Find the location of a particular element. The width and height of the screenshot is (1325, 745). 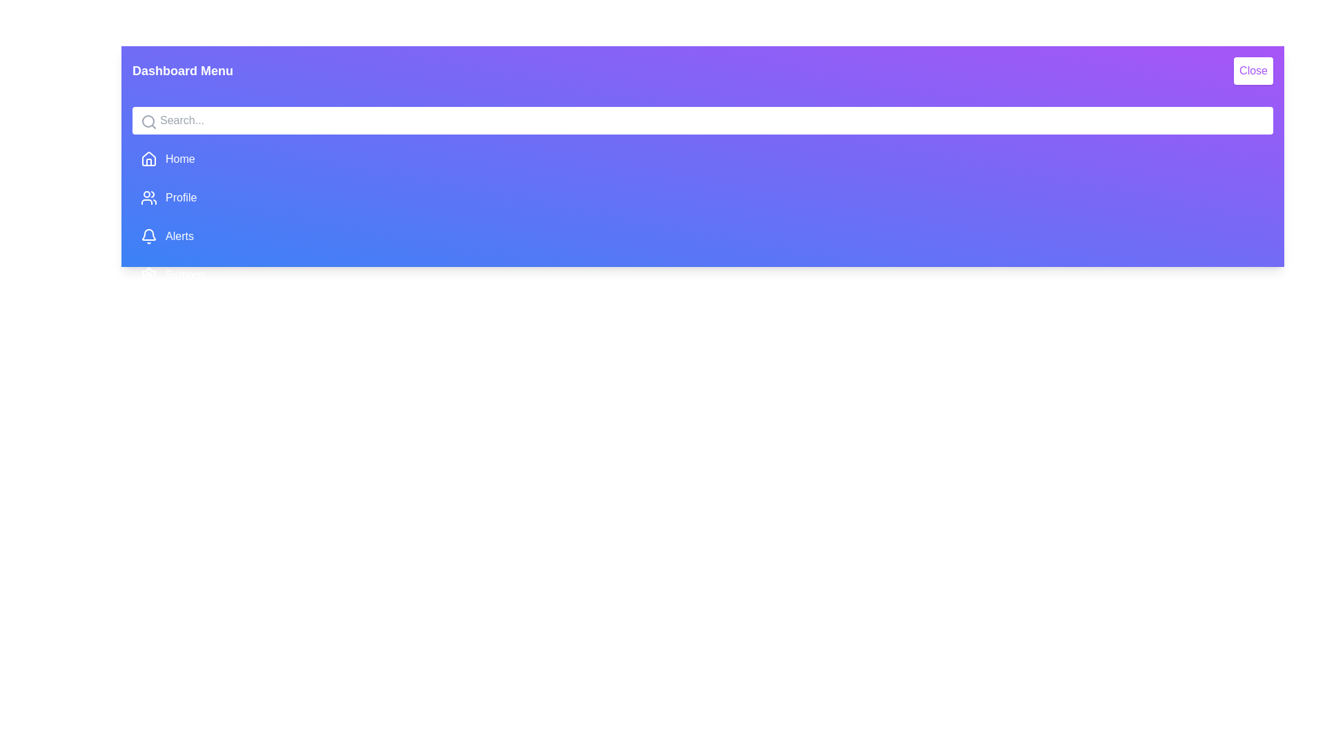

the bell icon in the 'Alerts' section of the sidebar menu, which is visually distinct by its curved outline and is located beneath the 'Profile' menu item is located at coordinates (149, 234).